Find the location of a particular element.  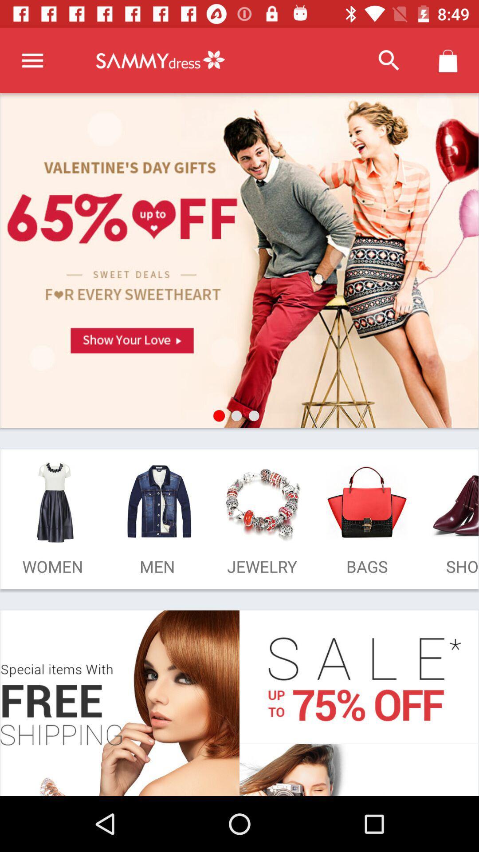

the icon at the top left corner is located at coordinates (32, 60).